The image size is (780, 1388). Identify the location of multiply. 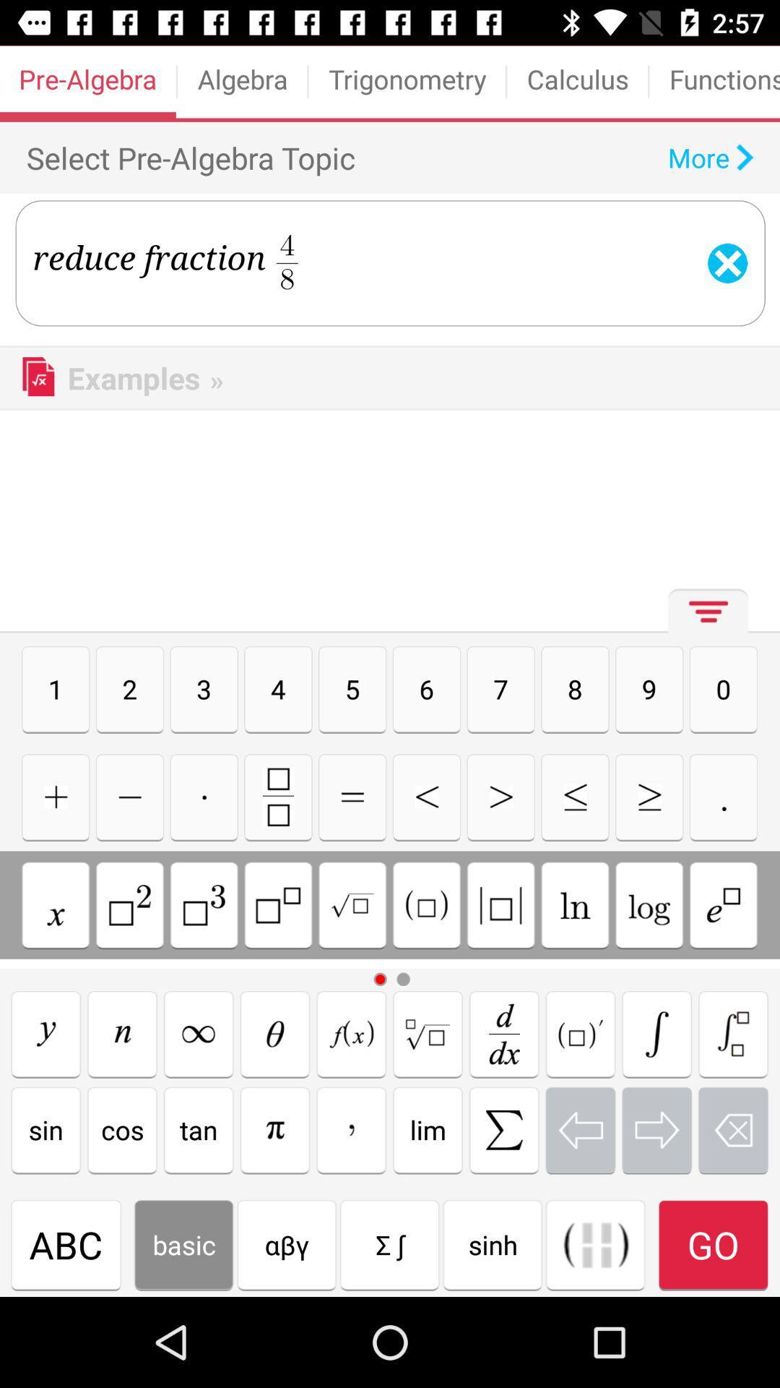
(204, 796).